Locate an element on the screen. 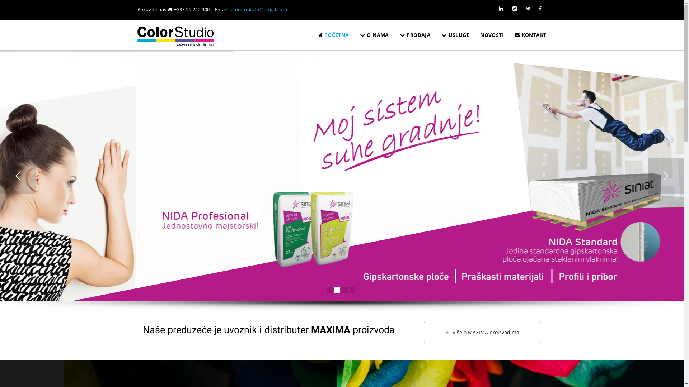 Image resolution: width=689 pixels, height=387 pixels. 'colorstudiotb@gmail.com' is located at coordinates (228, 9).